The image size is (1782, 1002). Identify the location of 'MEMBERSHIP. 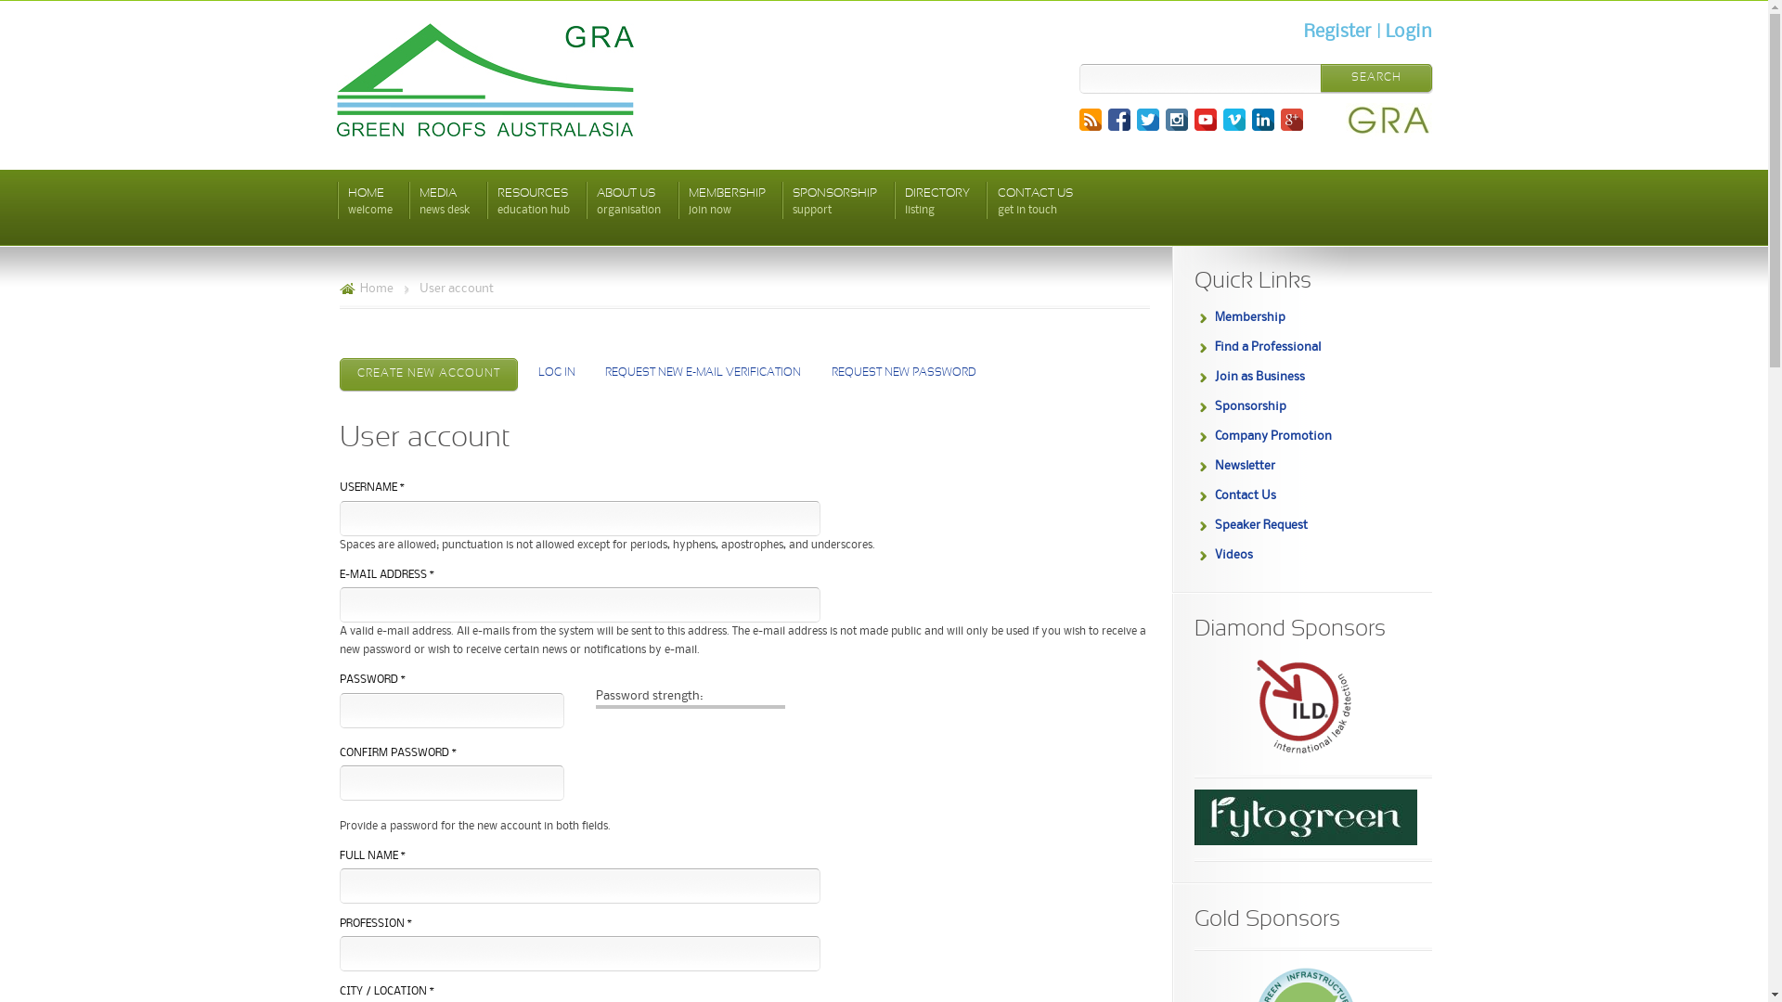
(726, 204).